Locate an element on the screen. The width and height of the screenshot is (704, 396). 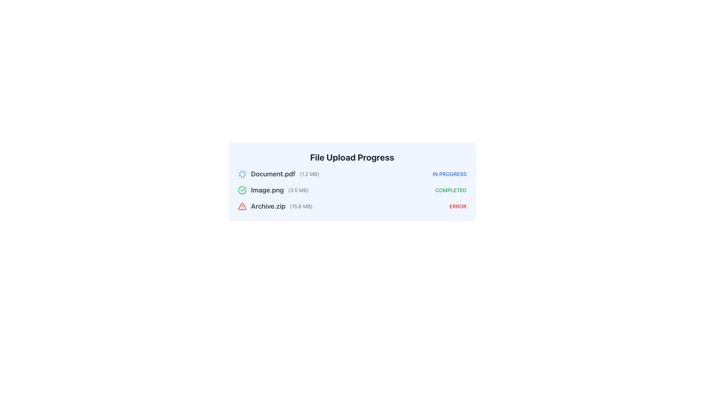
text displayed in the Text label that identifies the current file being uploaded, located in the 'File Upload Progress' section next to a spinning icon is located at coordinates (272, 174).